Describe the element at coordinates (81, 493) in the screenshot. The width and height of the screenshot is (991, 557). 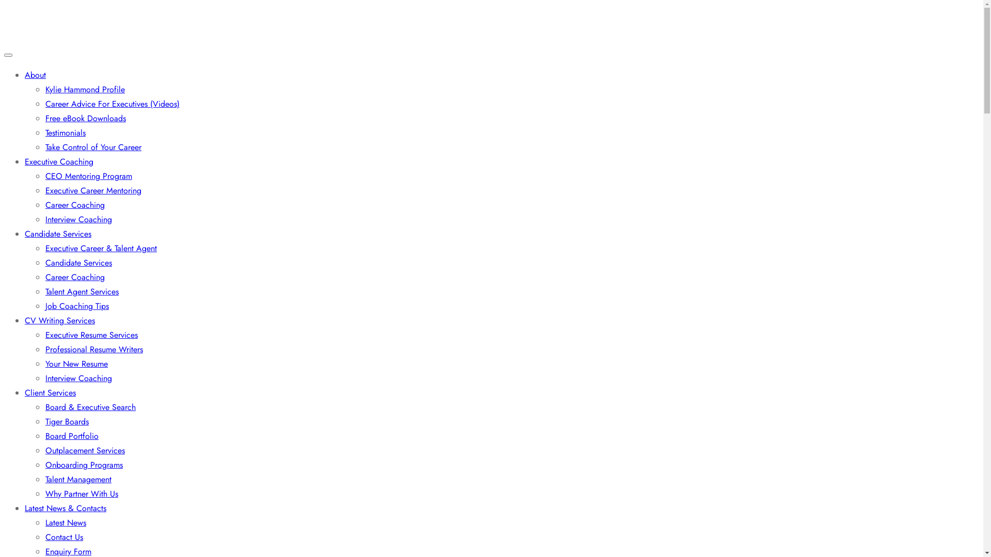
I see `'Why Partner With Us'` at that location.